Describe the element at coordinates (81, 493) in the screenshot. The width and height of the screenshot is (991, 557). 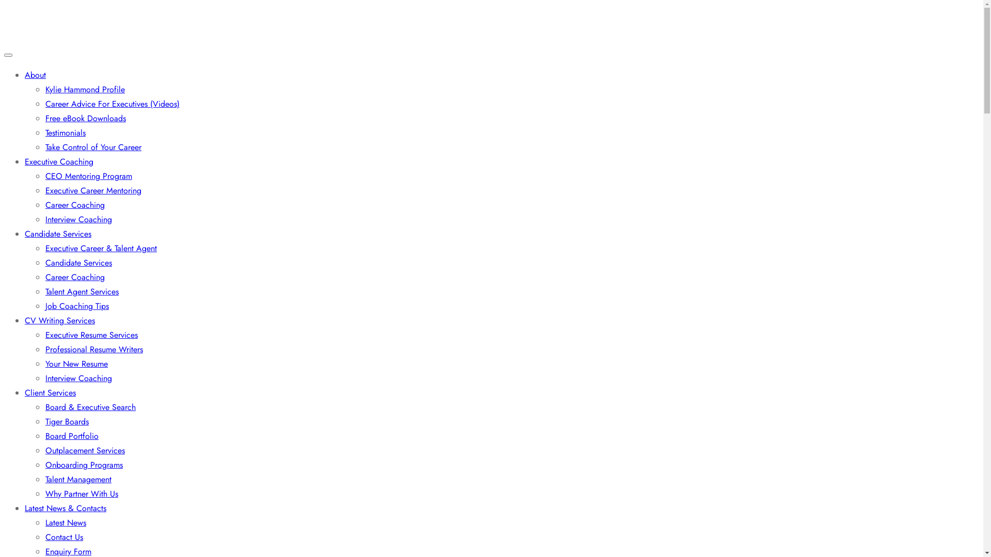
I see `'Why Partner With Us'` at that location.